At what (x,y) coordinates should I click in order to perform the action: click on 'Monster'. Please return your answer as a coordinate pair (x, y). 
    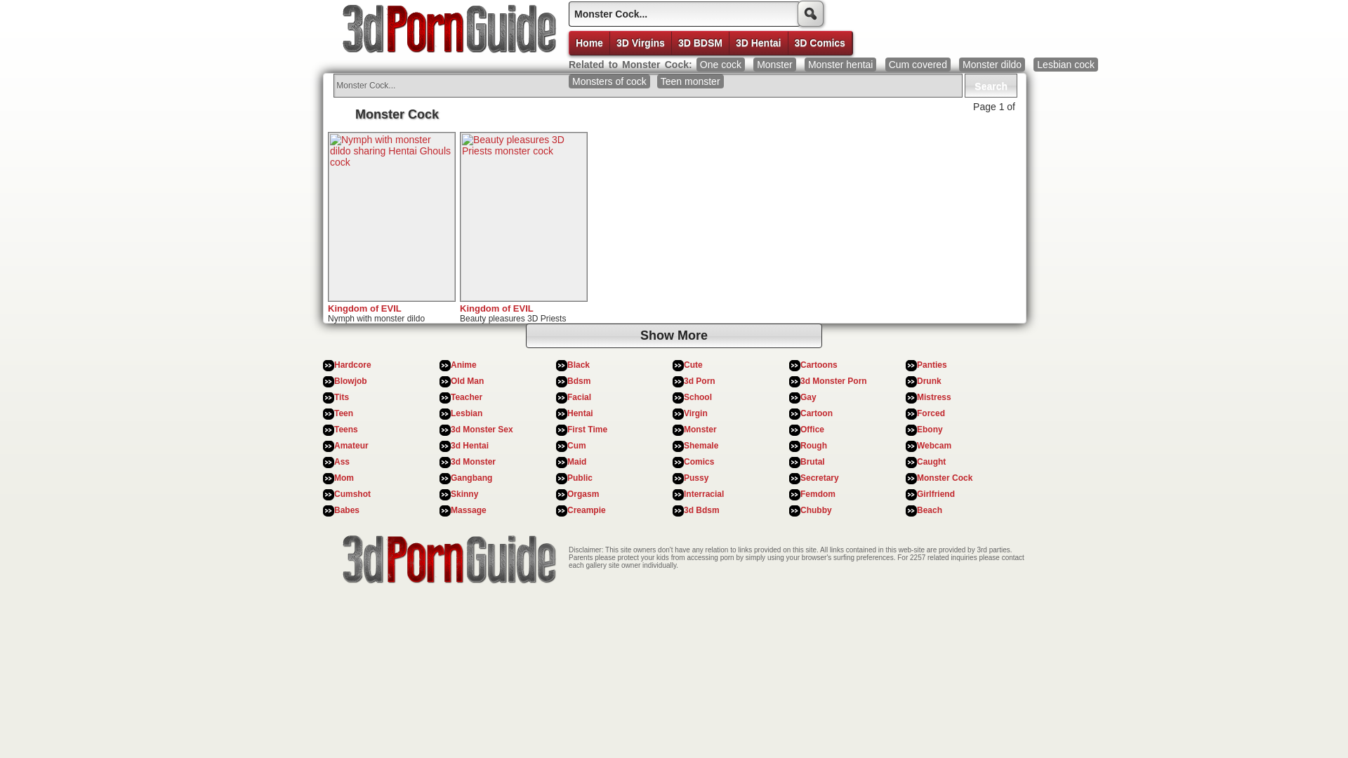
    Looking at the image, I should click on (774, 65).